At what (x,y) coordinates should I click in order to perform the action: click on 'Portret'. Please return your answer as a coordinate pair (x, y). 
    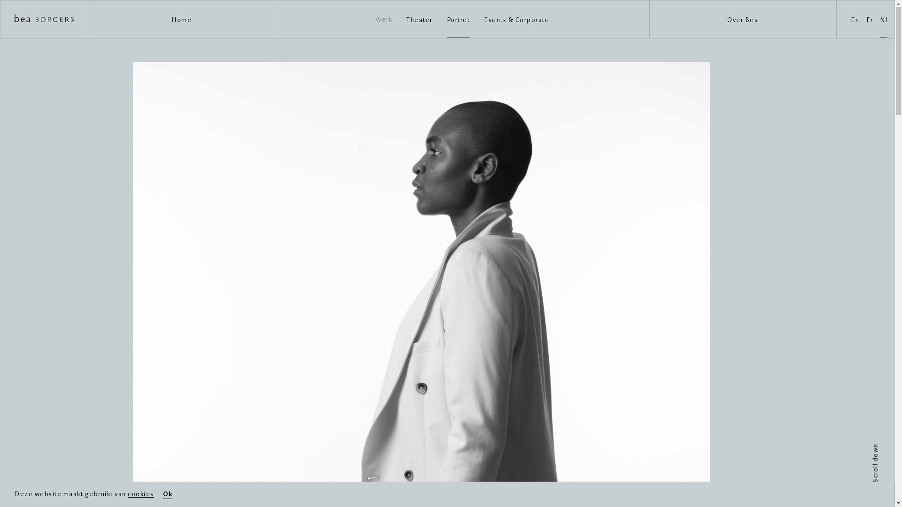
    Looking at the image, I should click on (458, 19).